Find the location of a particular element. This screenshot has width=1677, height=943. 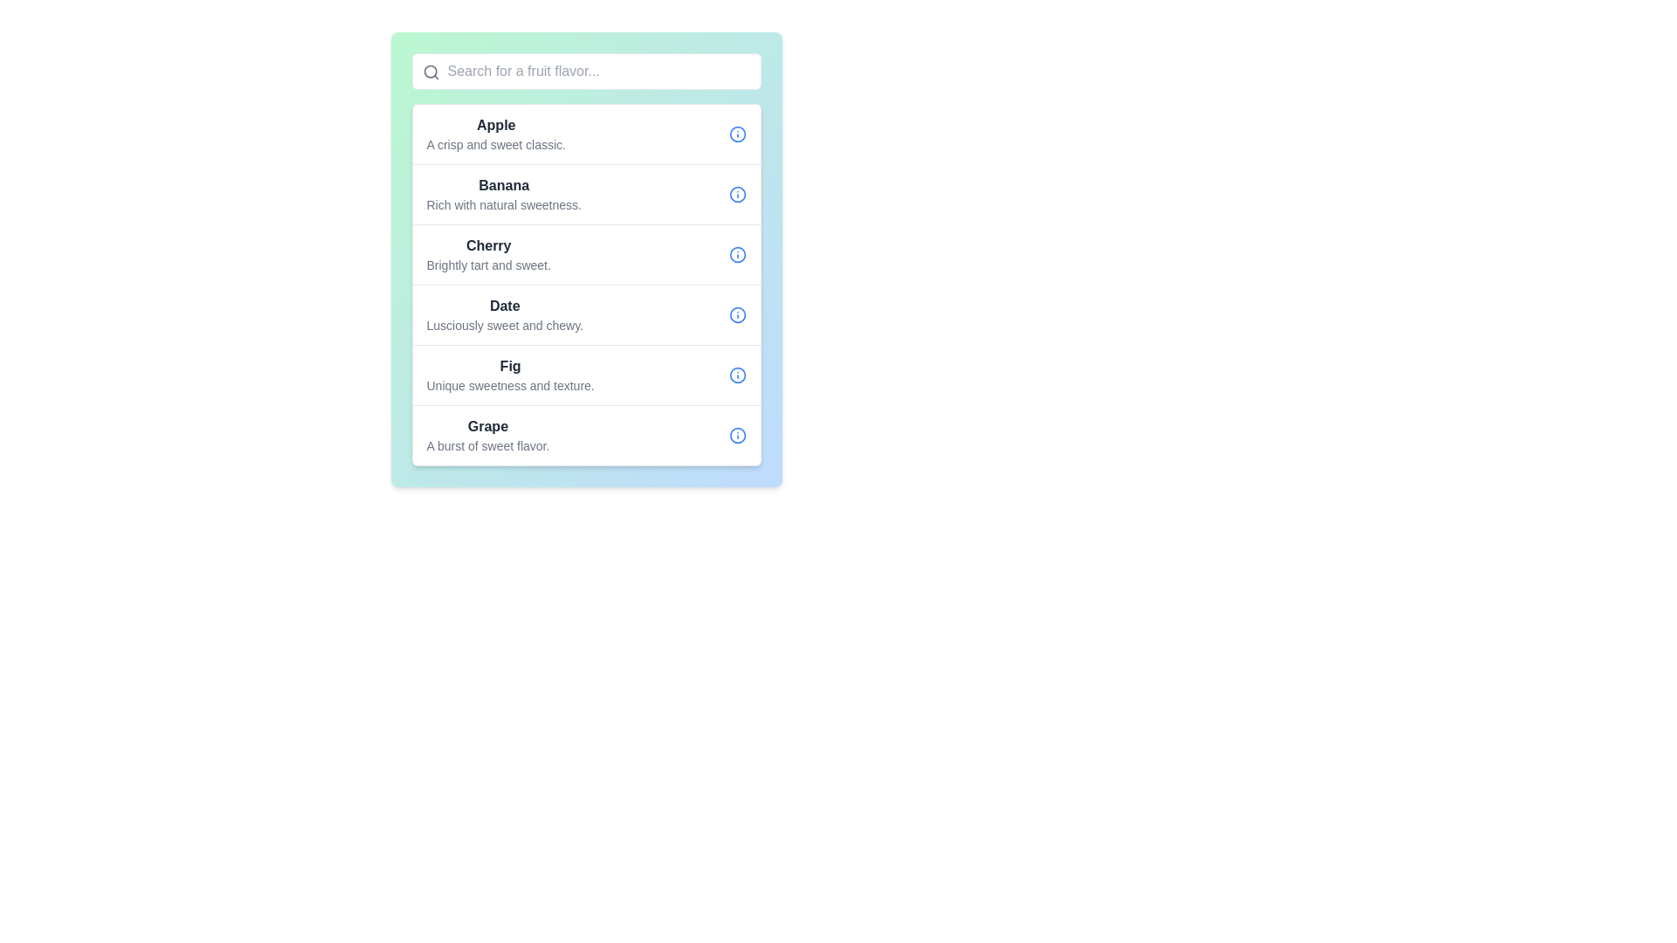

the interactive icon located to the right end of the 'Banana' list item is located at coordinates (737, 195).